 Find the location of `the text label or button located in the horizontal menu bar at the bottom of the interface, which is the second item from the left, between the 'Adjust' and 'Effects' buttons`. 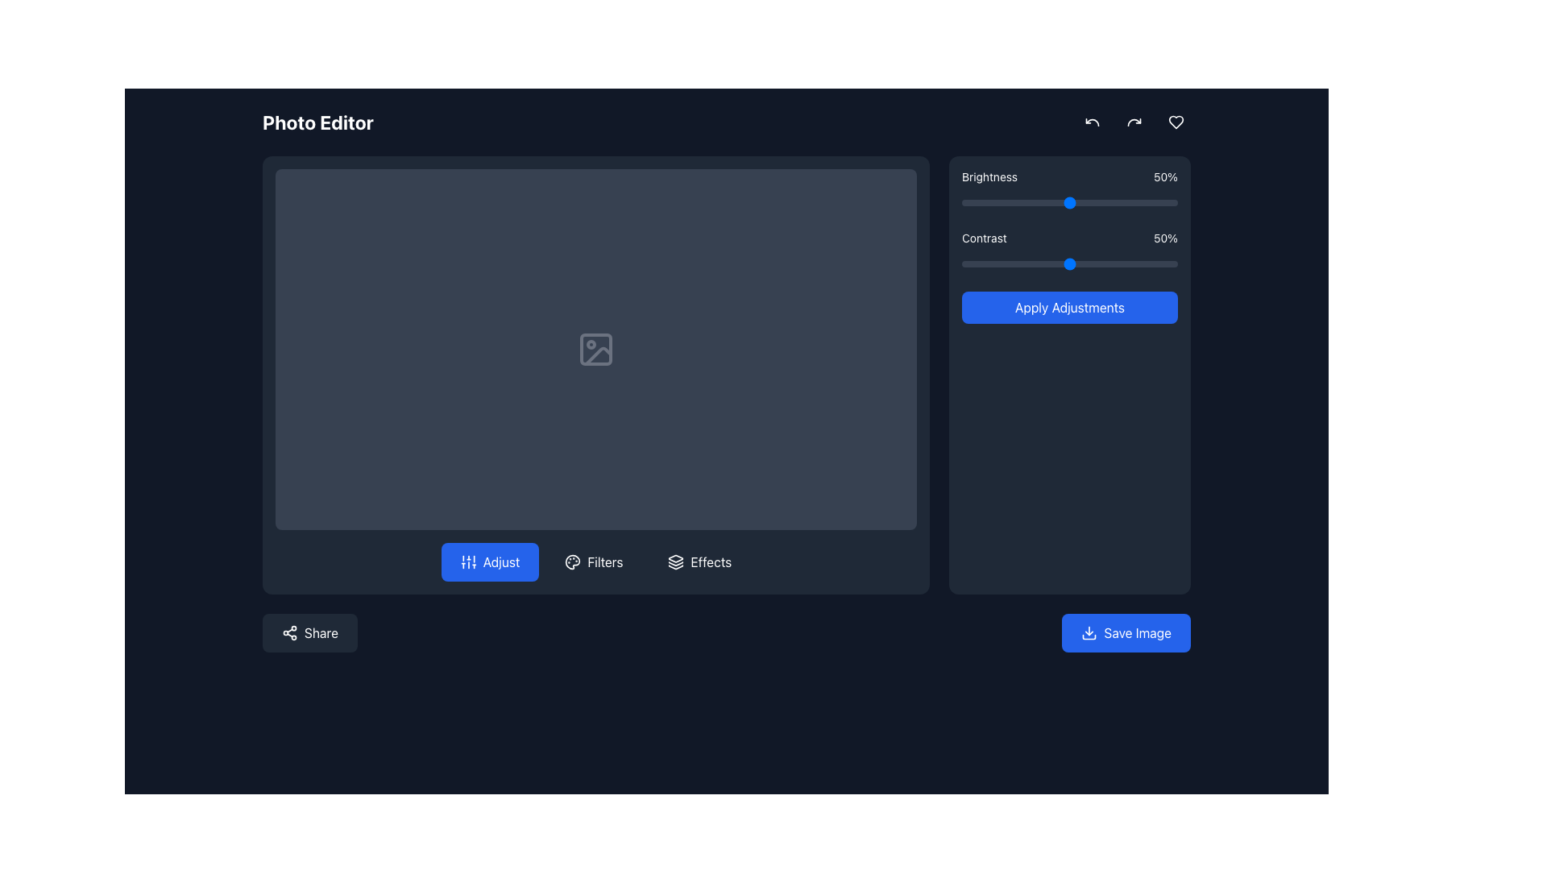

the text label or button located in the horizontal menu bar at the bottom of the interface, which is the second item from the left, between the 'Adjust' and 'Effects' buttons is located at coordinates (604, 561).